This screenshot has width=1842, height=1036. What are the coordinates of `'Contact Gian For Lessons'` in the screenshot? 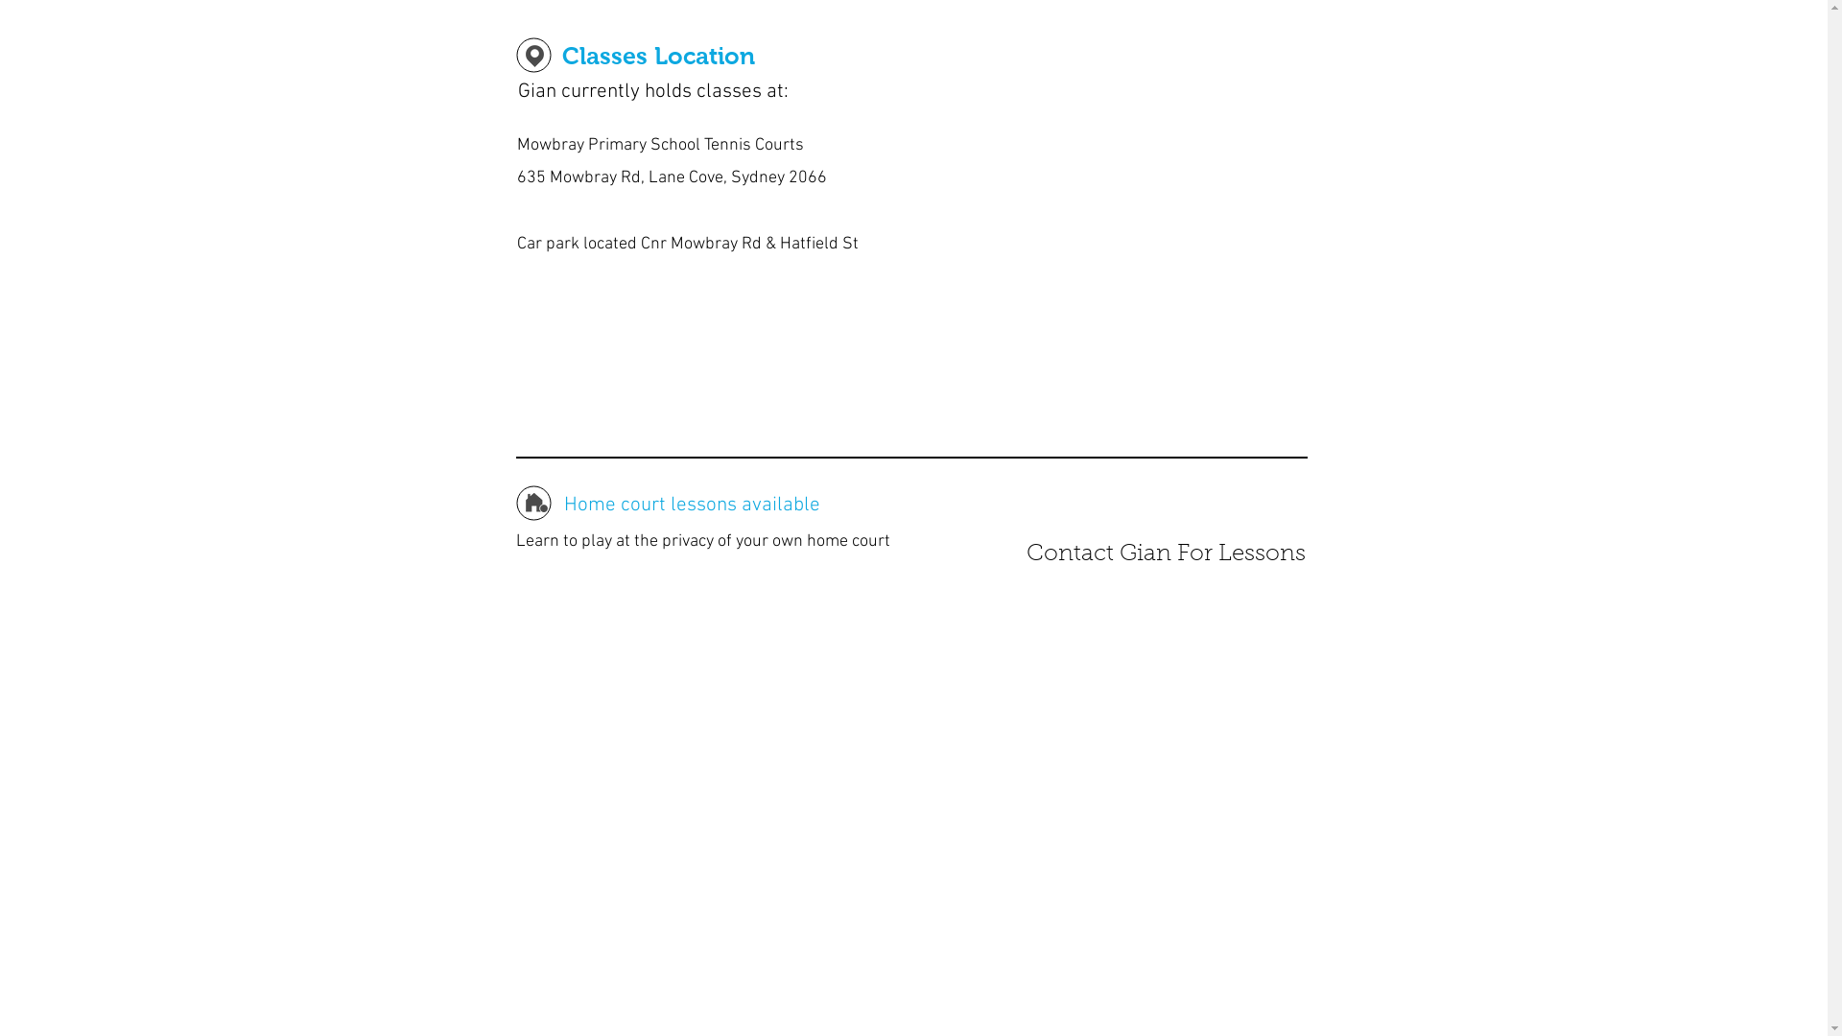 It's located at (1164, 554).